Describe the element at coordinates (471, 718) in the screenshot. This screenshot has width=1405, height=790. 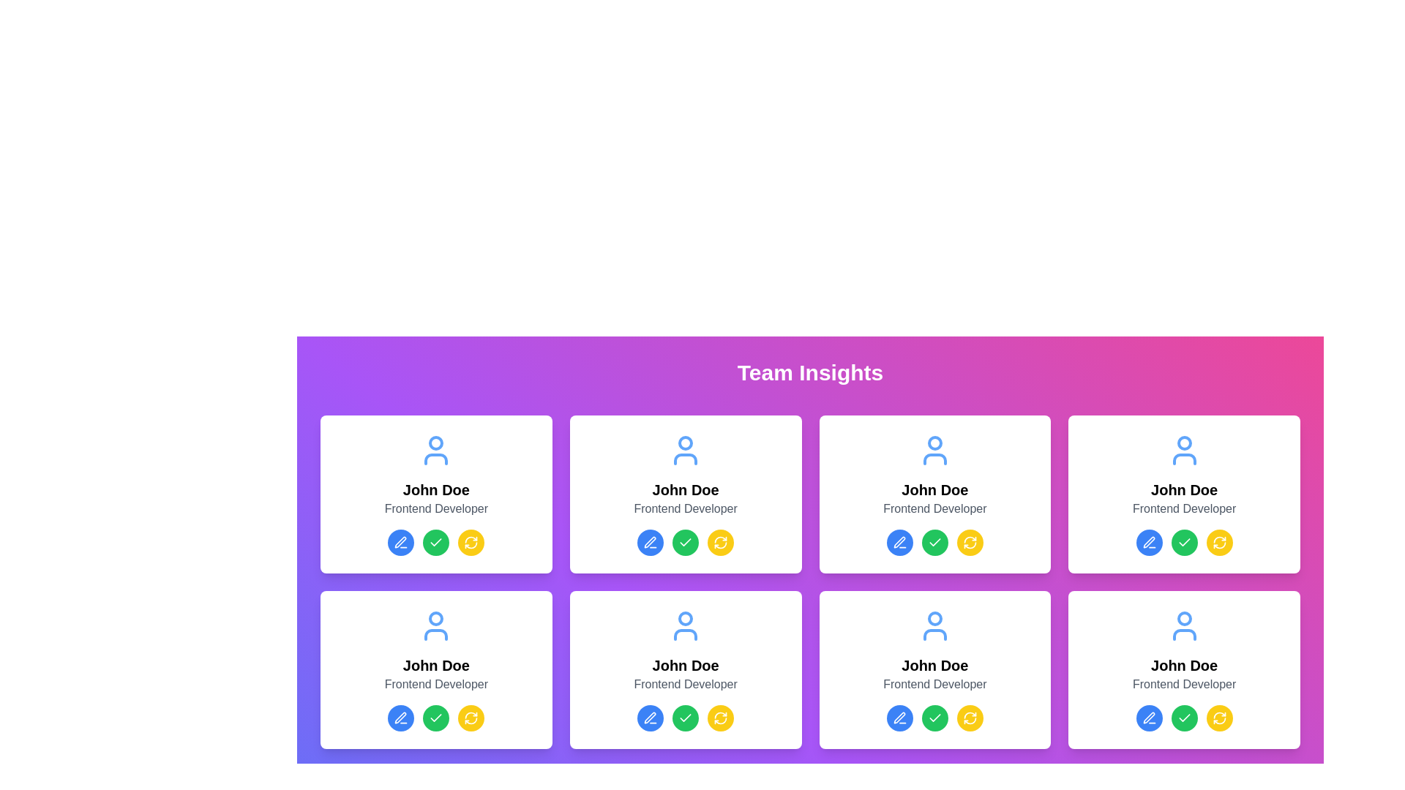
I see `the fourth button in the bottom row of interactive icons on the card element` at that location.